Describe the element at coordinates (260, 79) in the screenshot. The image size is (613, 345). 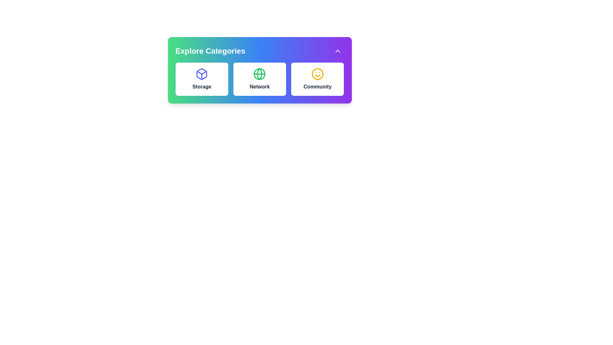
I see `the 'Network' category card located in the 'Explore Categories' section, positioned between the 'Storage' card and the 'Community' card` at that location.